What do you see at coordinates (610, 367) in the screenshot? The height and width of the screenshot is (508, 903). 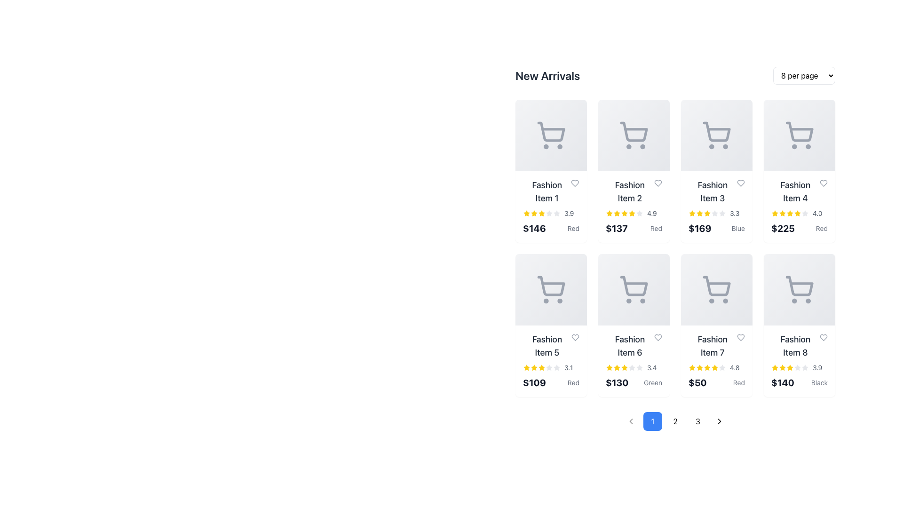 I see `the yellow star icon in the second row, third column of the card layout for Fashion Item 6` at bounding box center [610, 367].